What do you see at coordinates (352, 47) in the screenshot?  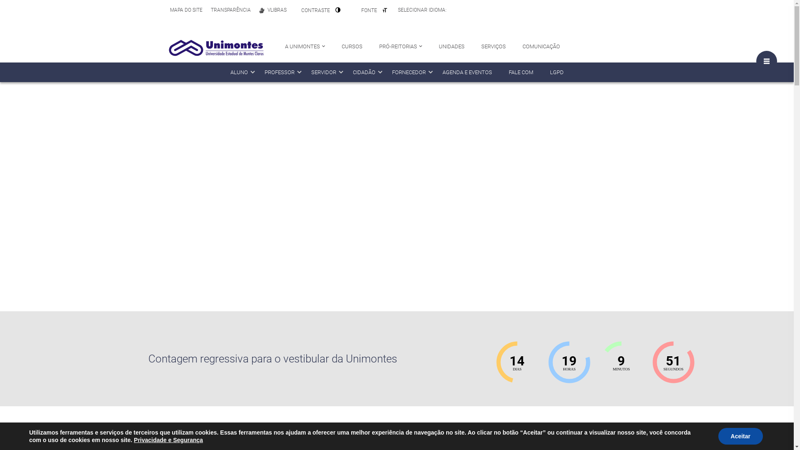 I see `'CURSOS'` at bounding box center [352, 47].